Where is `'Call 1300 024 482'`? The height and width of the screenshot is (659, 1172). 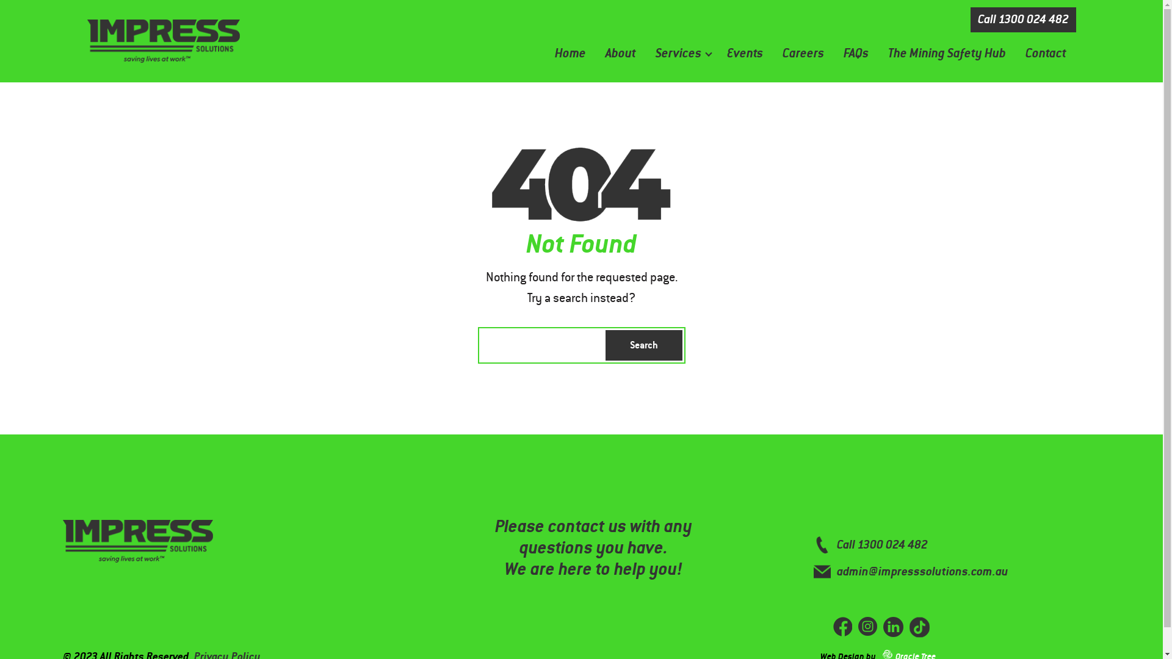
'Call 1300 024 482' is located at coordinates (978, 19).